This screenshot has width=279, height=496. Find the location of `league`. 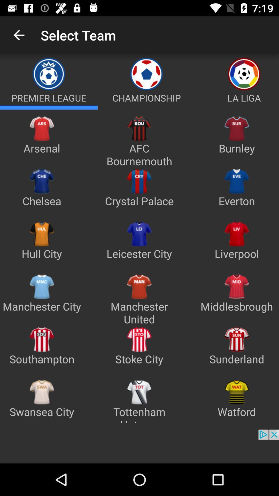

league is located at coordinates (49, 107).